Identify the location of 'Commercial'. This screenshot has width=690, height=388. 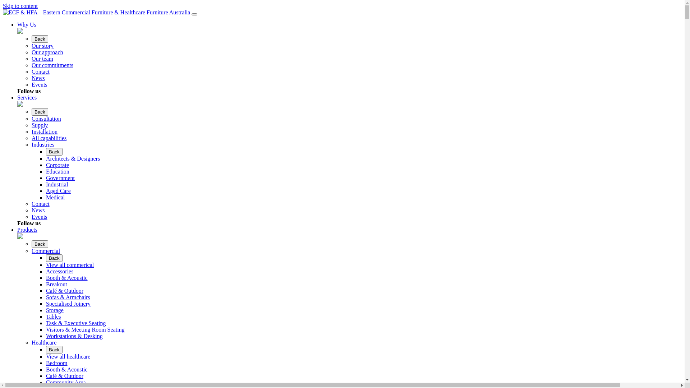
(45, 250).